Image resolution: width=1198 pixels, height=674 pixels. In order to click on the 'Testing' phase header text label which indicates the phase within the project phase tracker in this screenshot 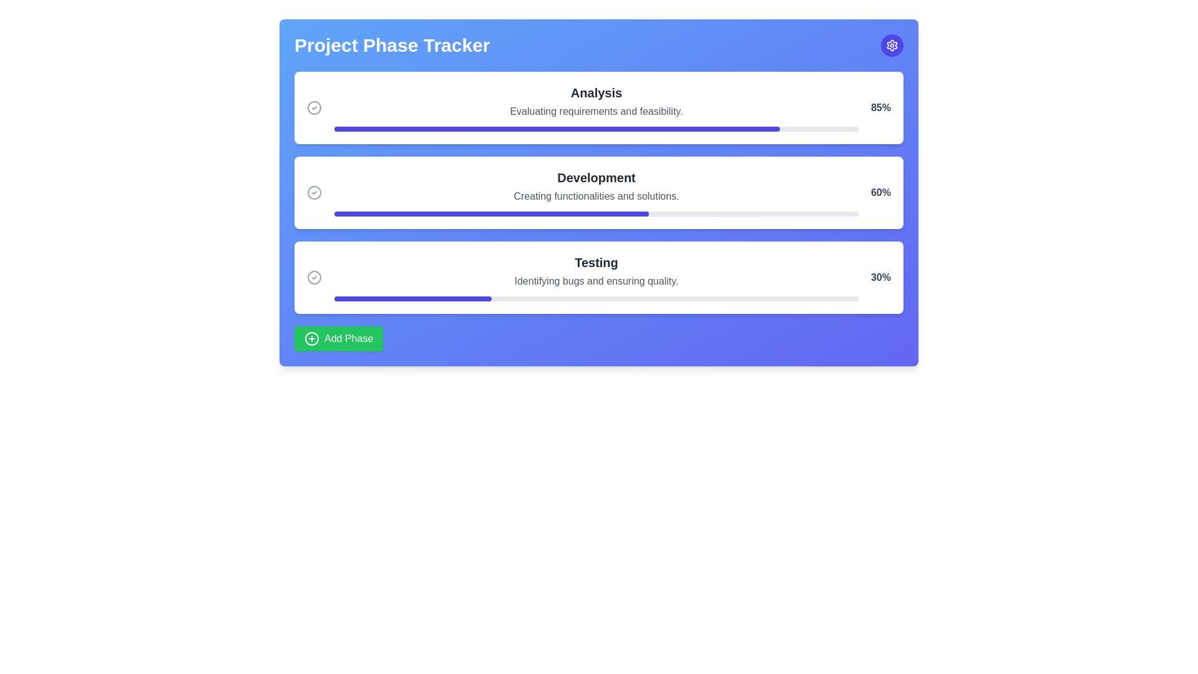, I will do `click(595, 261)`.